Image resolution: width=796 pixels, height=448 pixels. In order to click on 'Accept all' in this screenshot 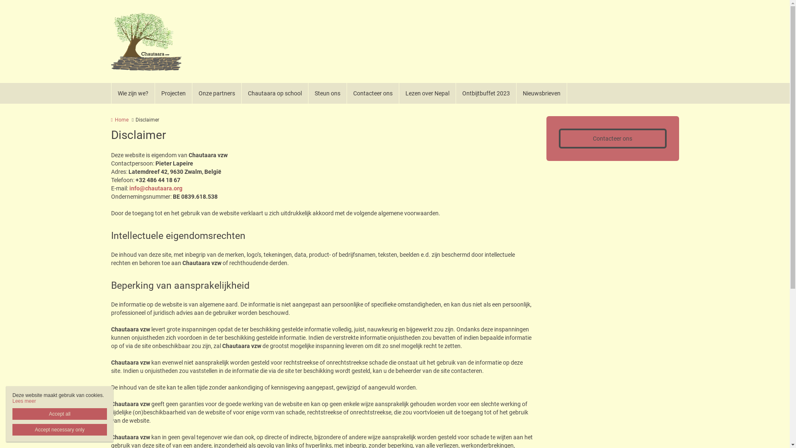, I will do `click(59, 414)`.